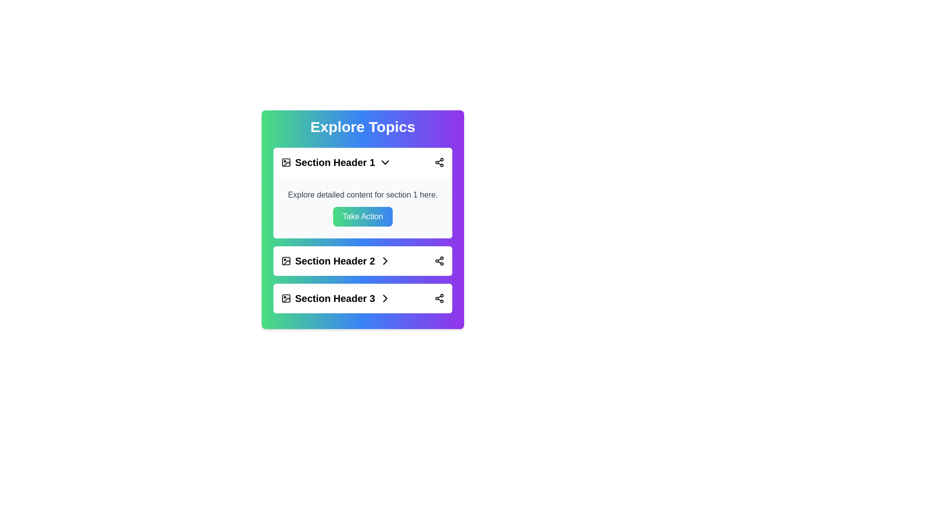 Image resolution: width=946 pixels, height=532 pixels. What do you see at coordinates (362, 195) in the screenshot?
I see `text block displaying 'Explore detailed content for section 1 here.' which is styled in gray and positioned above the 'Take Action' button and below 'Section Header 1'` at bounding box center [362, 195].